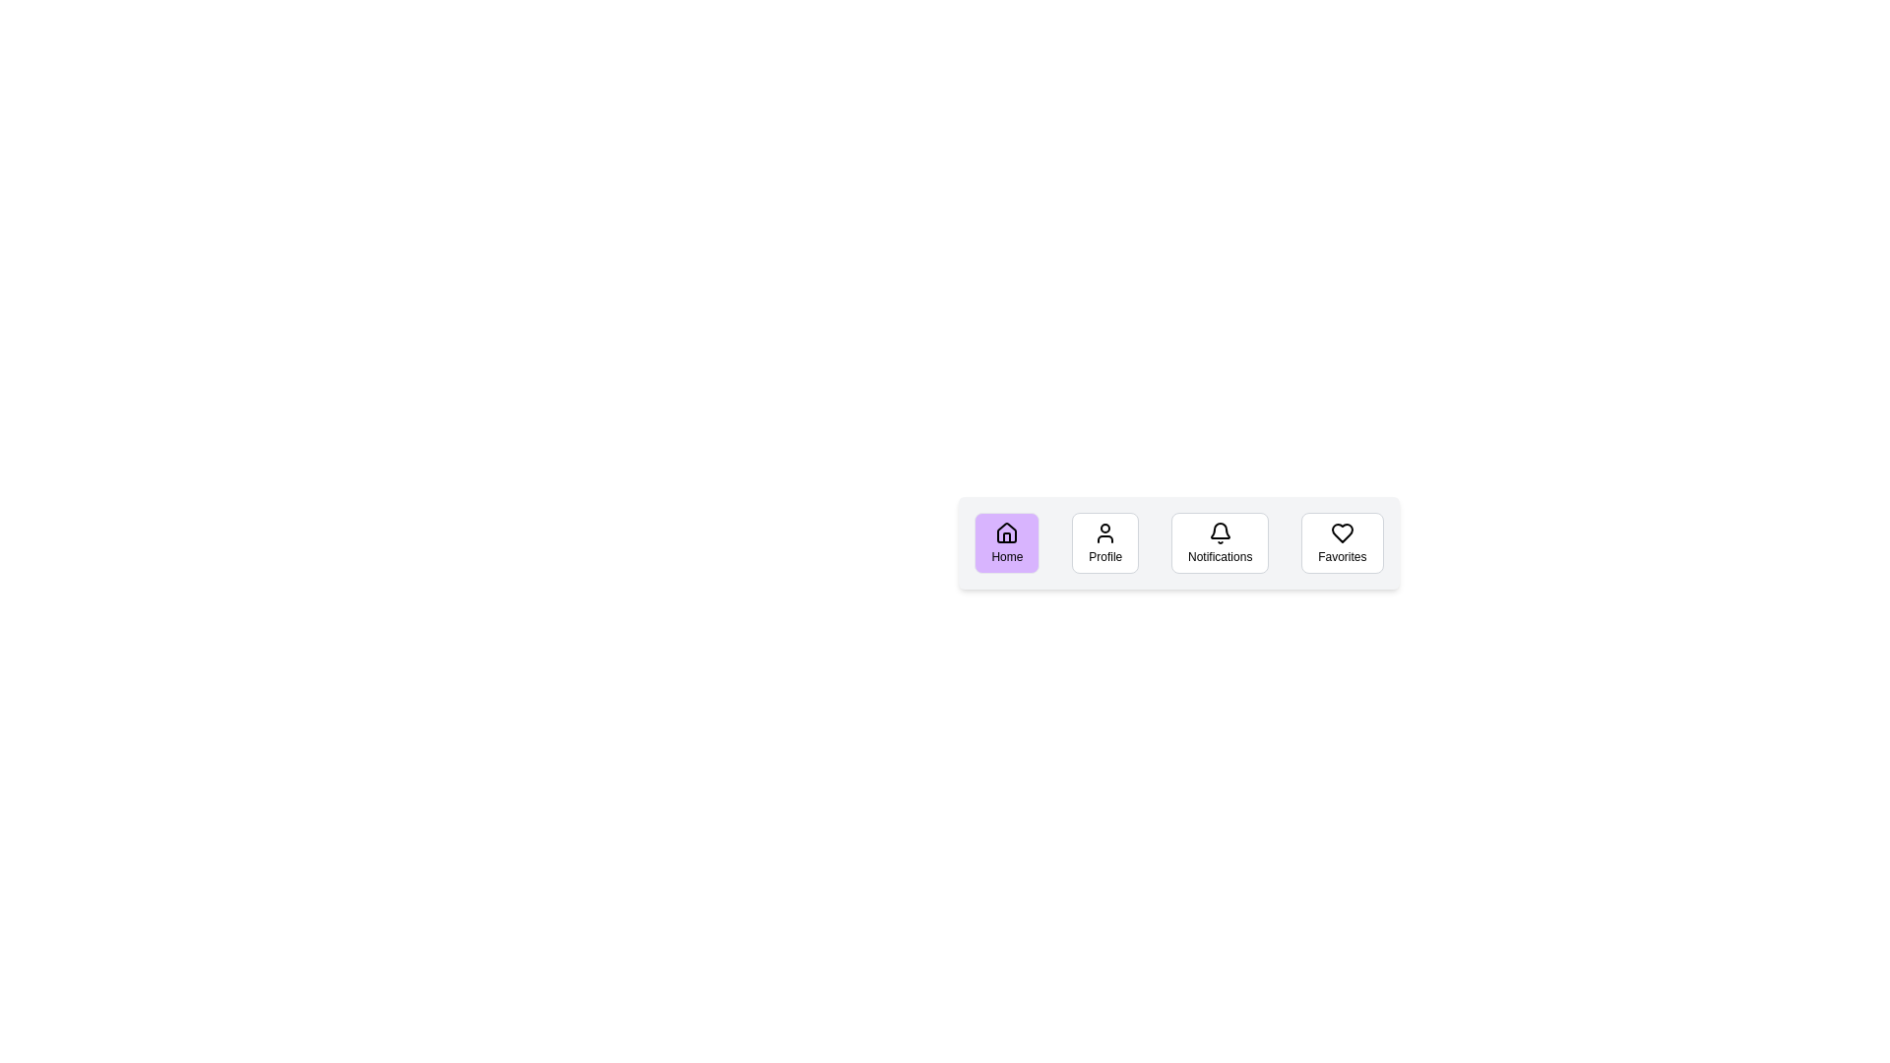 This screenshot has height=1063, width=1890. What do you see at coordinates (1006, 542) in the screenshot?
I see `the Home button to navigate to the corresponding section` at bounding box center [1006, 542].